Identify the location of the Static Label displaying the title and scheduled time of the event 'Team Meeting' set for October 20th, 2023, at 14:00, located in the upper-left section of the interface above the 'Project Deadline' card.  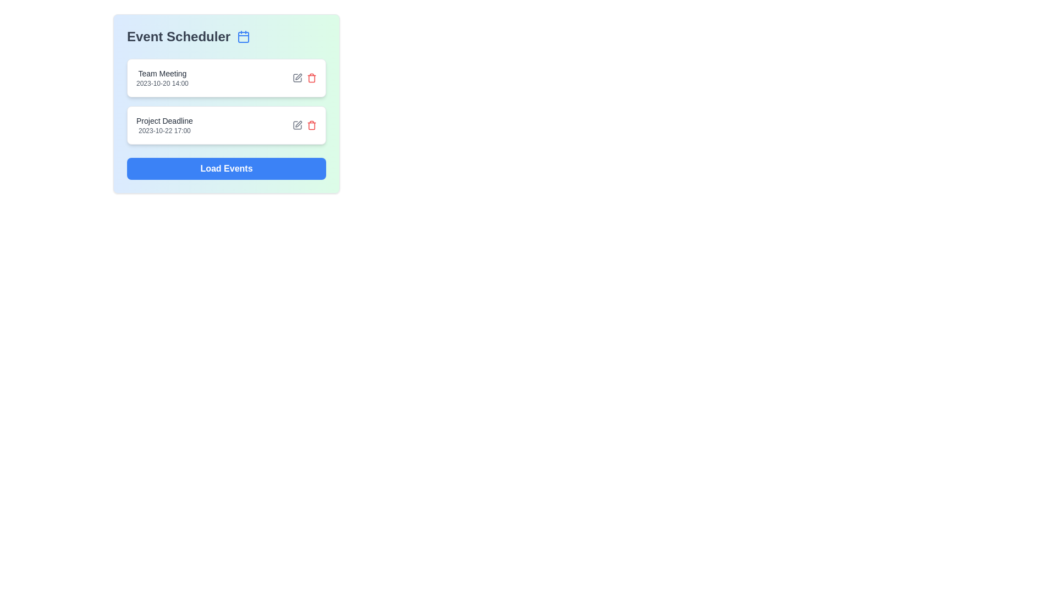
(162, 78).